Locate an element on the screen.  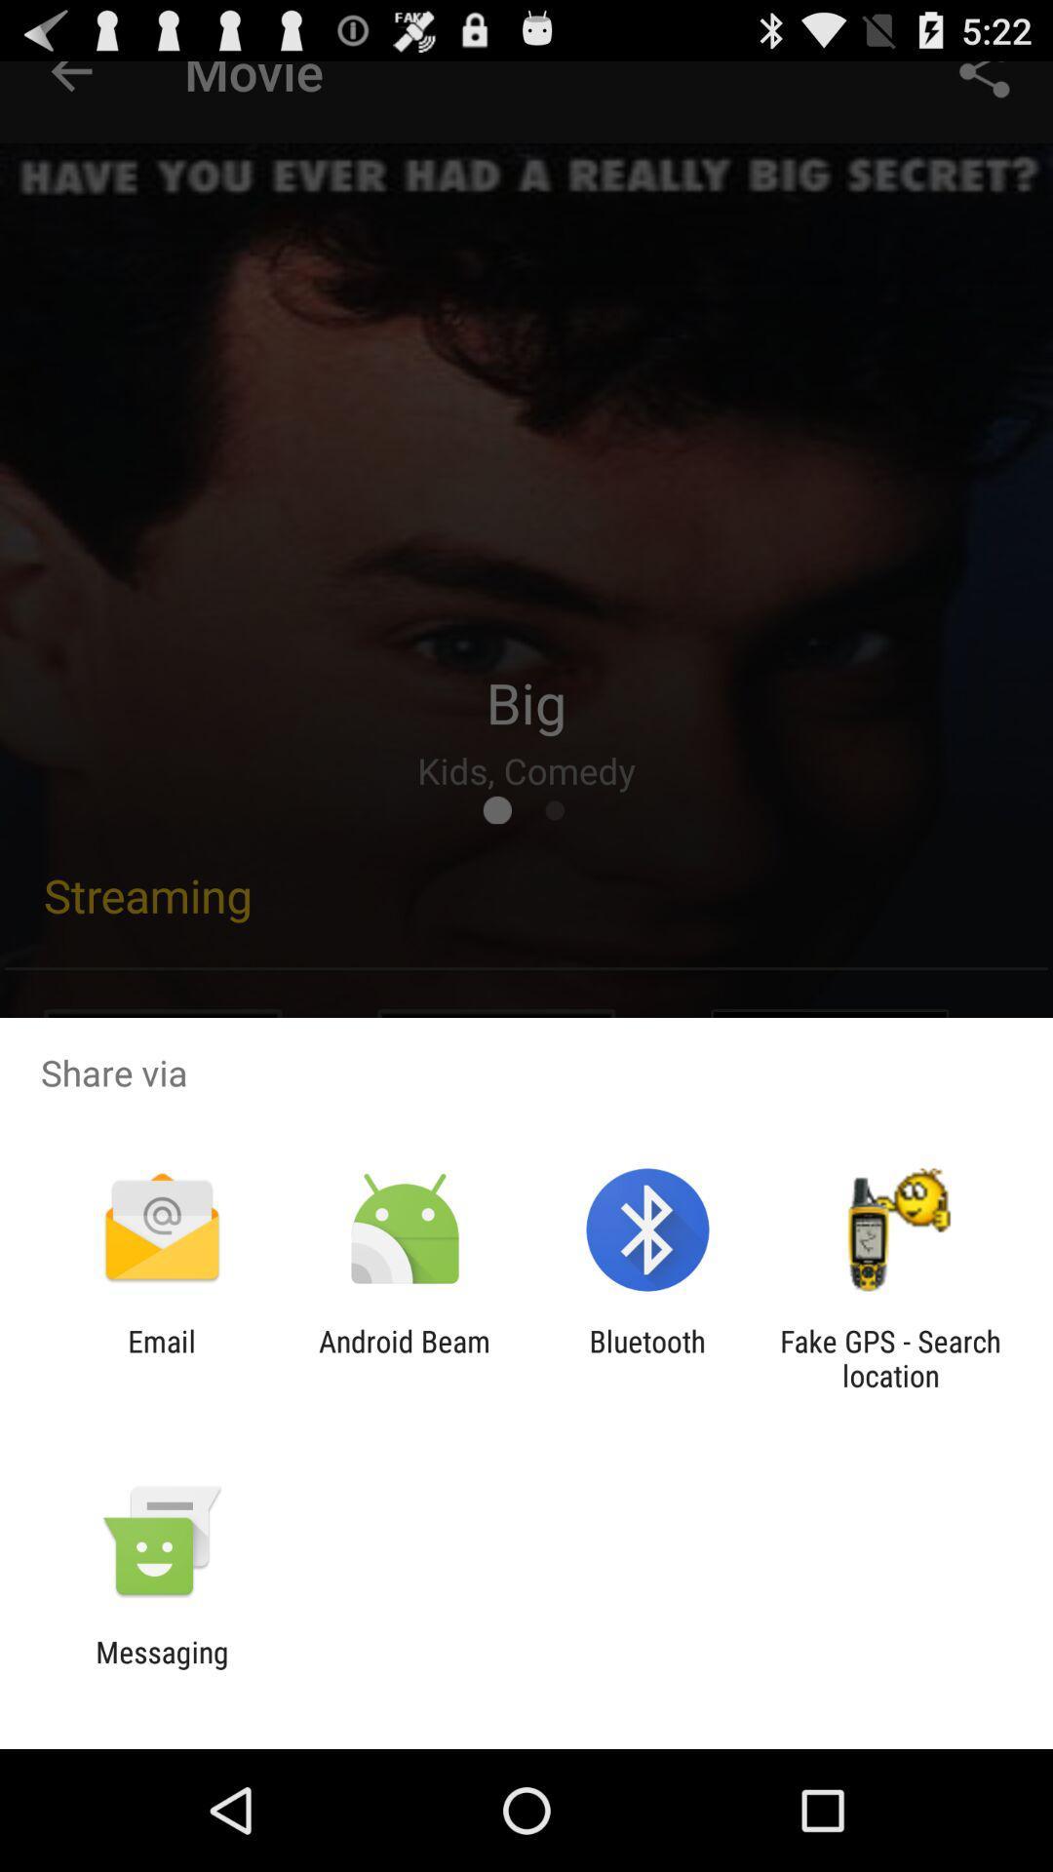
the item next to email icon is located at coordinates (404, 1357).